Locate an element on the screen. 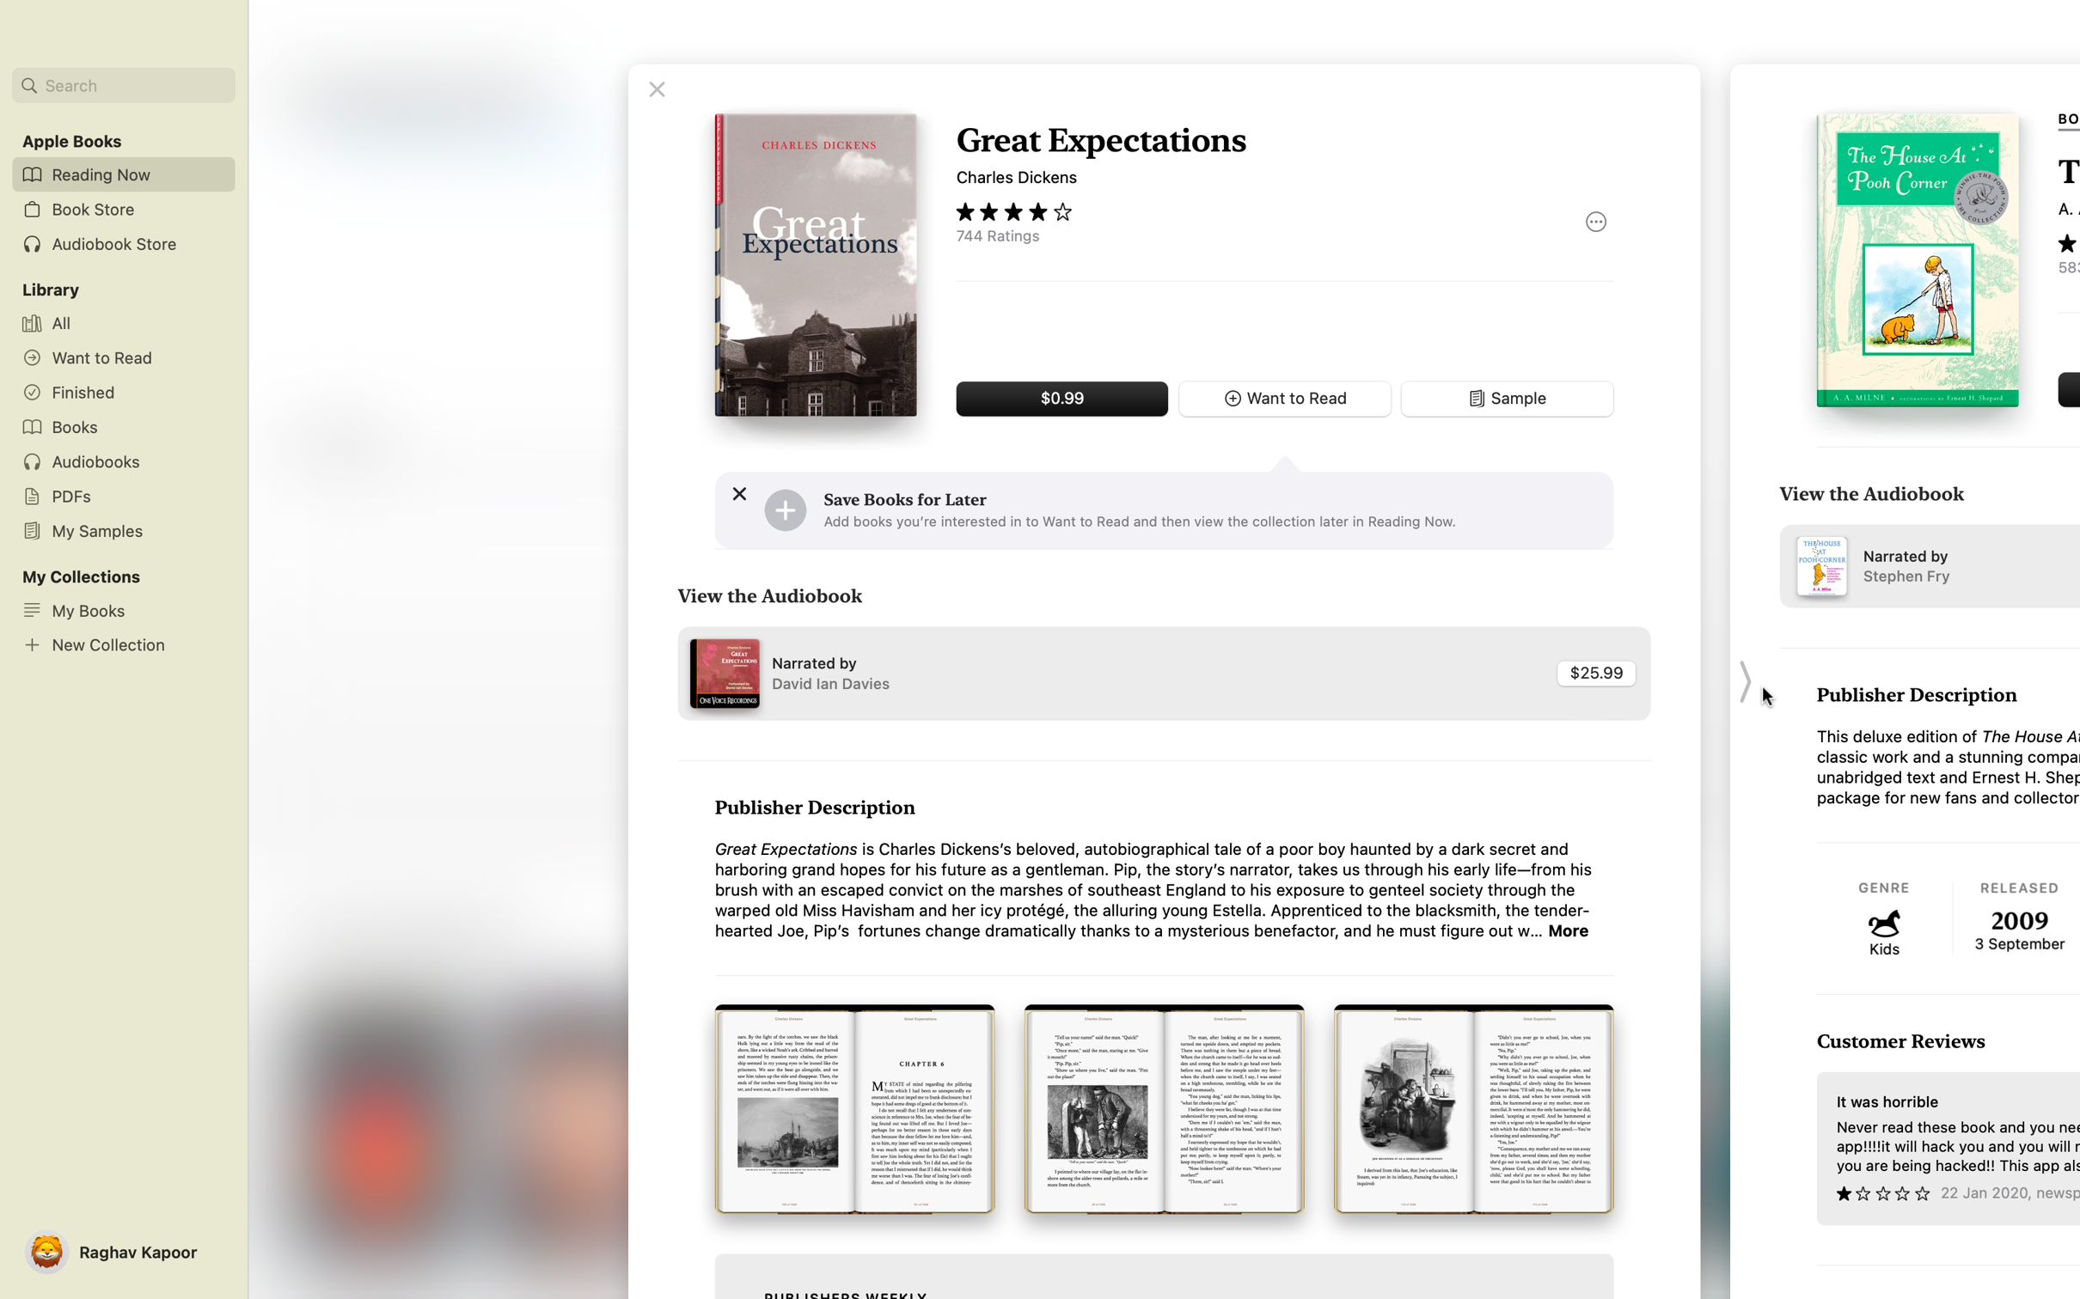  Investigate further about the book details provided by the publisher is located at coordinates (1569, 930).